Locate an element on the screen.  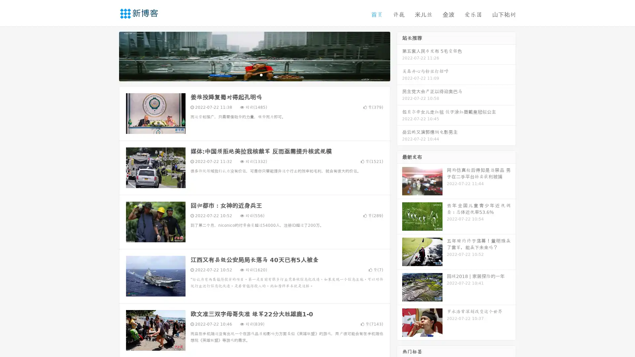
Go to slide 2 is located at coordinates (254, 74).